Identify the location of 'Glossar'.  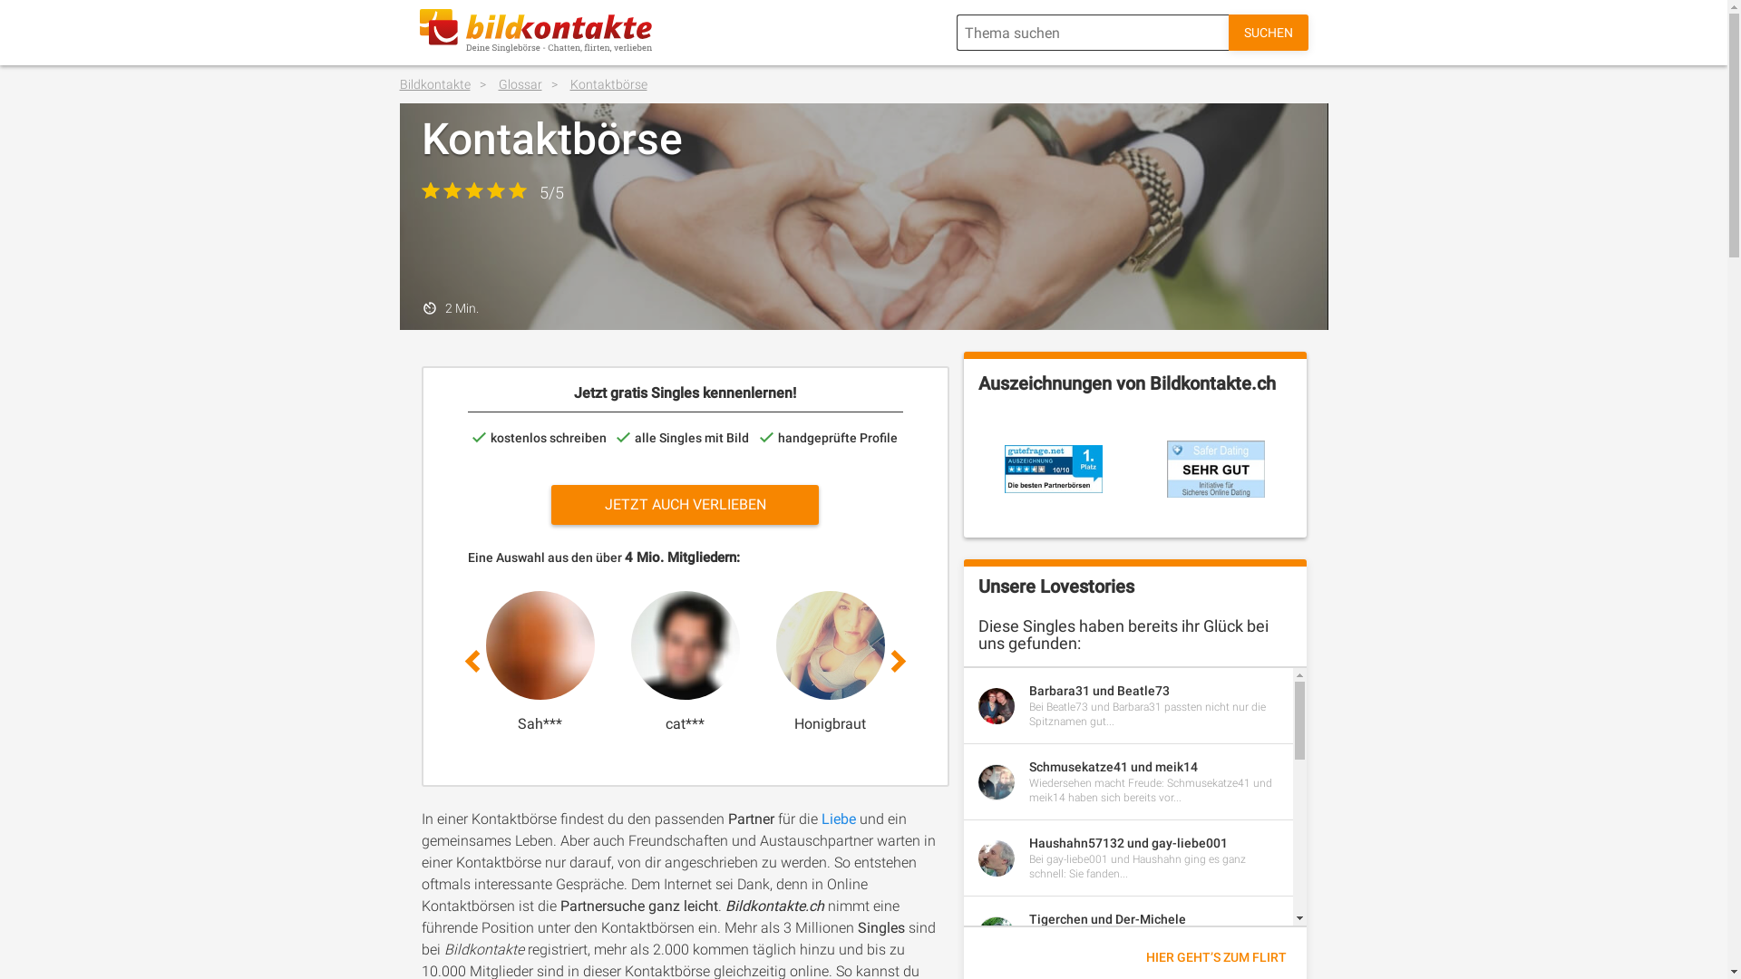
(532, 83).